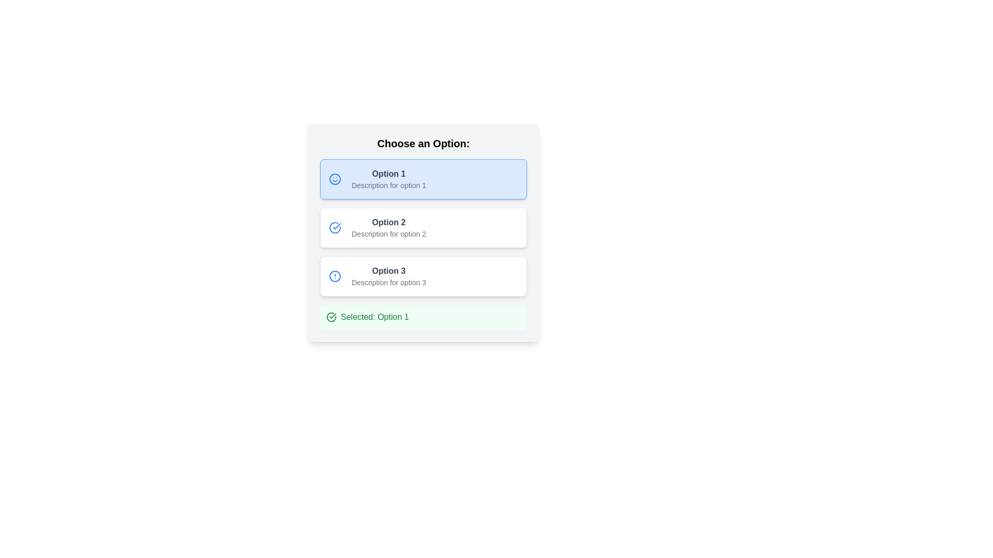  What do you see at coordinates (335, 179) in the screenshot?
I see `the circular outline representing a smiley face within the 'Option 1' button's SVG graphic` at bounding box center [335, 179].